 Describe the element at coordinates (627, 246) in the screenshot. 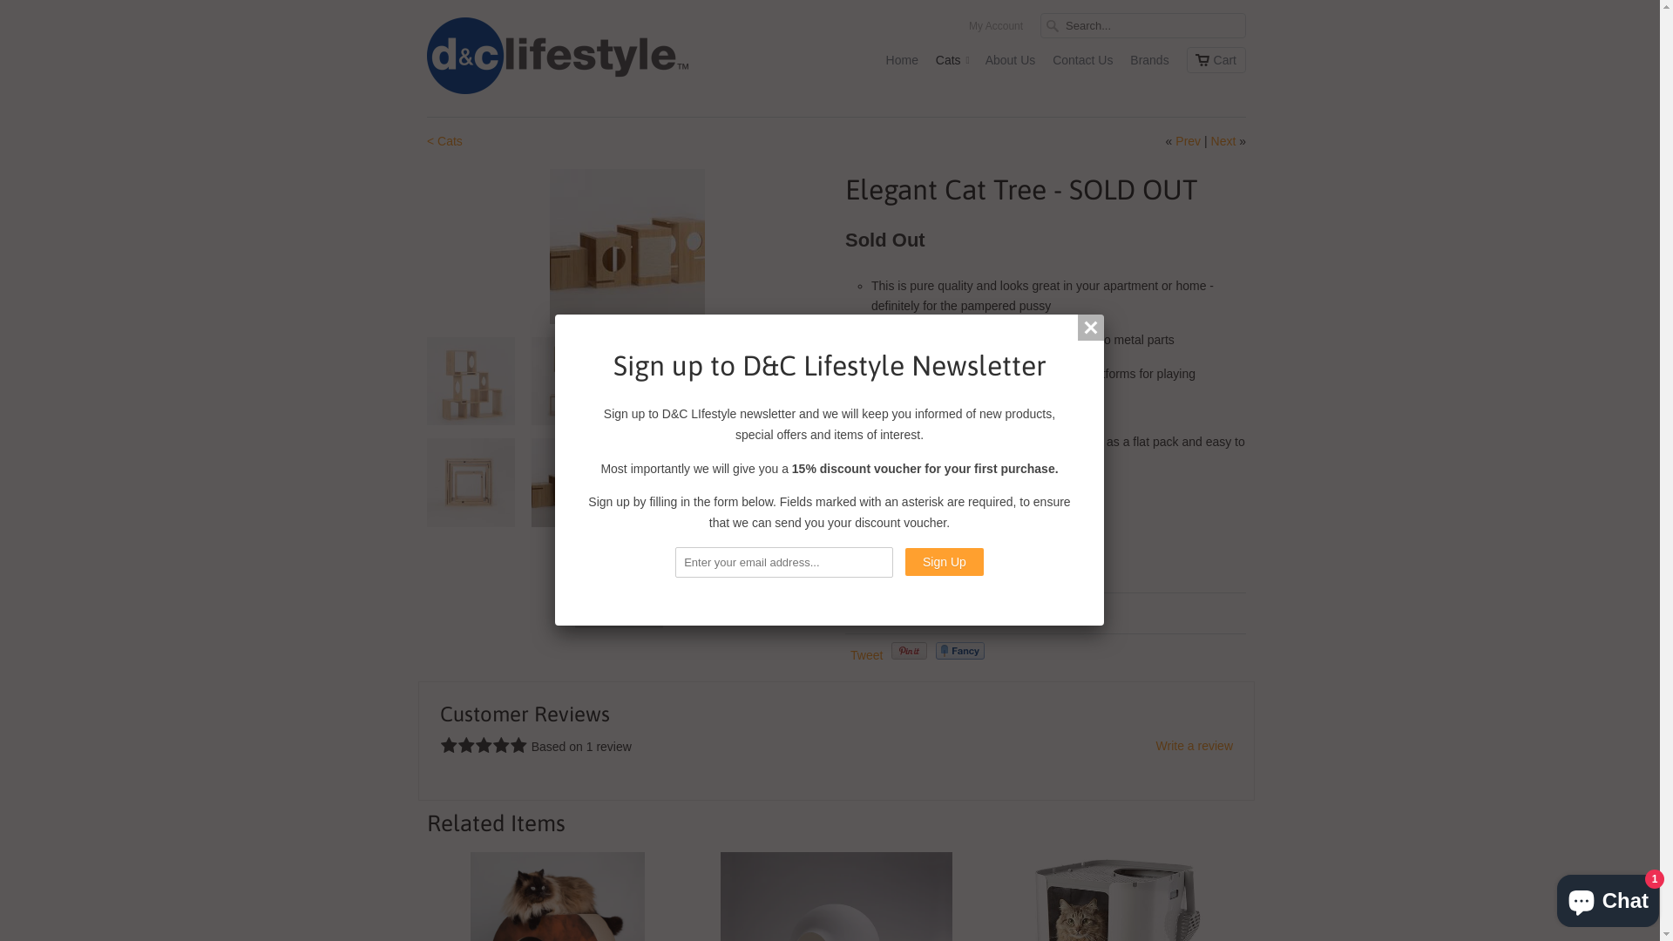

I see `'Elegant Cat Tree - SOLD OUT'` at that location.